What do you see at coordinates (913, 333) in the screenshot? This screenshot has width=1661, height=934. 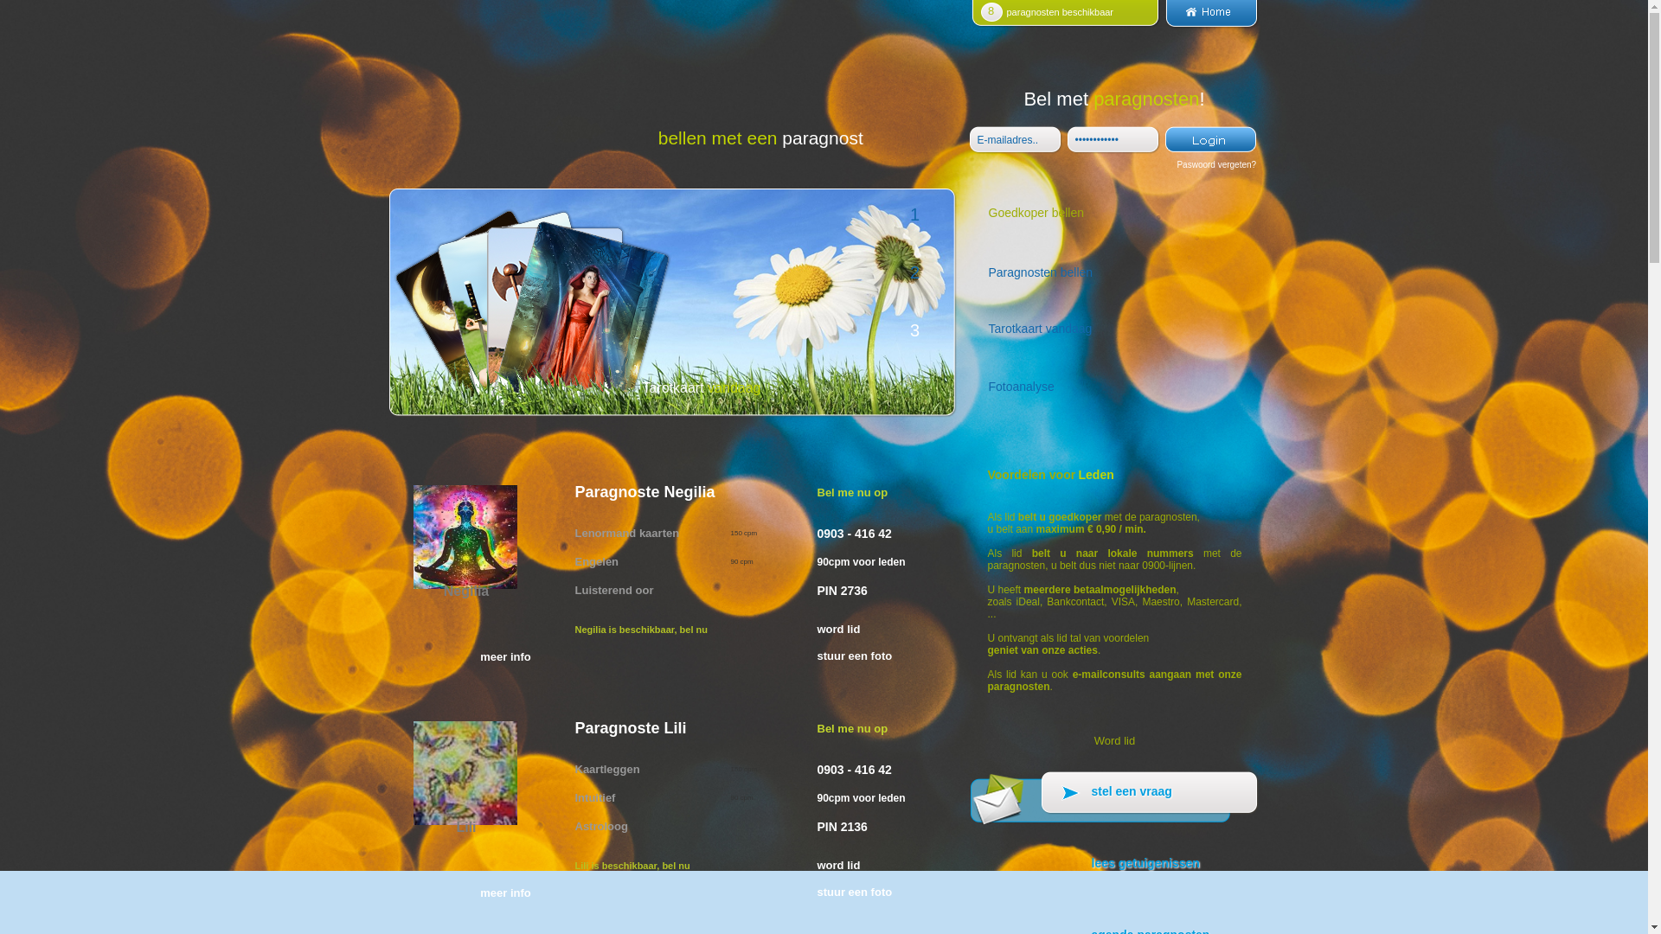 I see `'3'` at bounding box center [913, 333].